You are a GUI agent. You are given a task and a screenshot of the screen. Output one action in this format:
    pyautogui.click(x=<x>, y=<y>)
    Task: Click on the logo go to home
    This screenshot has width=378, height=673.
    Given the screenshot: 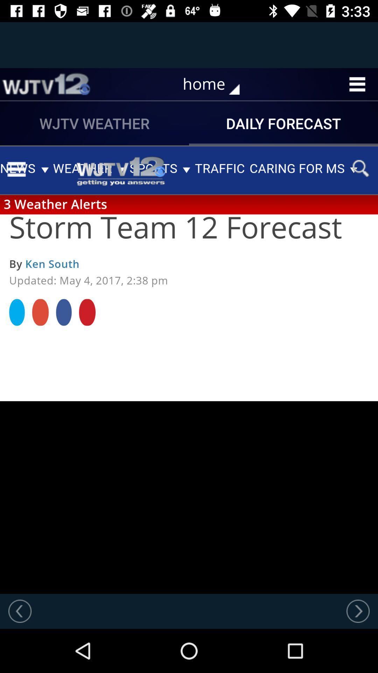 What is the action you would take?
    pyautogui.click(x=46, y=84)
    